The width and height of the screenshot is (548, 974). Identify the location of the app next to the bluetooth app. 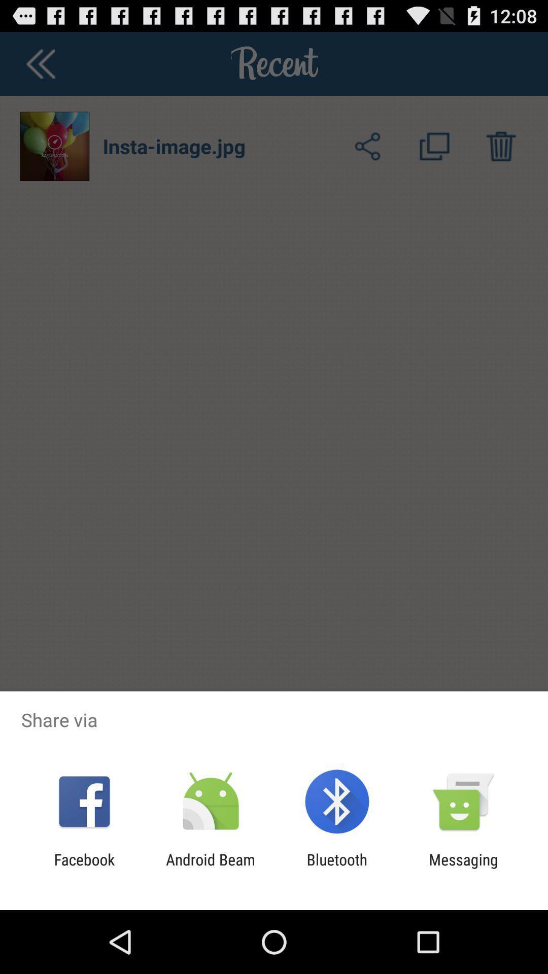
(463, 868).